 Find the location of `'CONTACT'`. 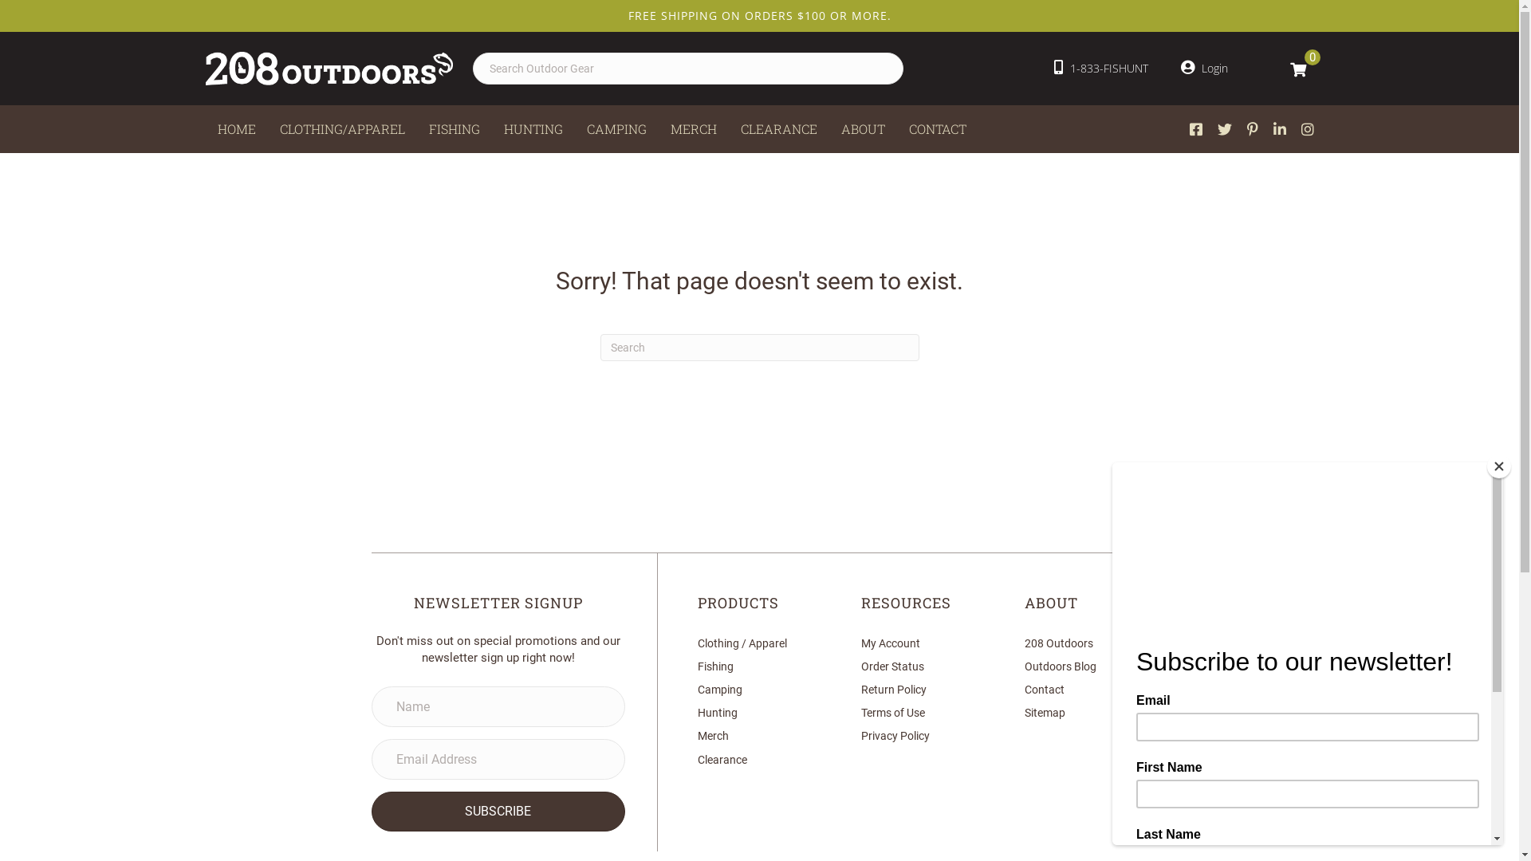

'CONTACT' is located at coordinates (937, 128).